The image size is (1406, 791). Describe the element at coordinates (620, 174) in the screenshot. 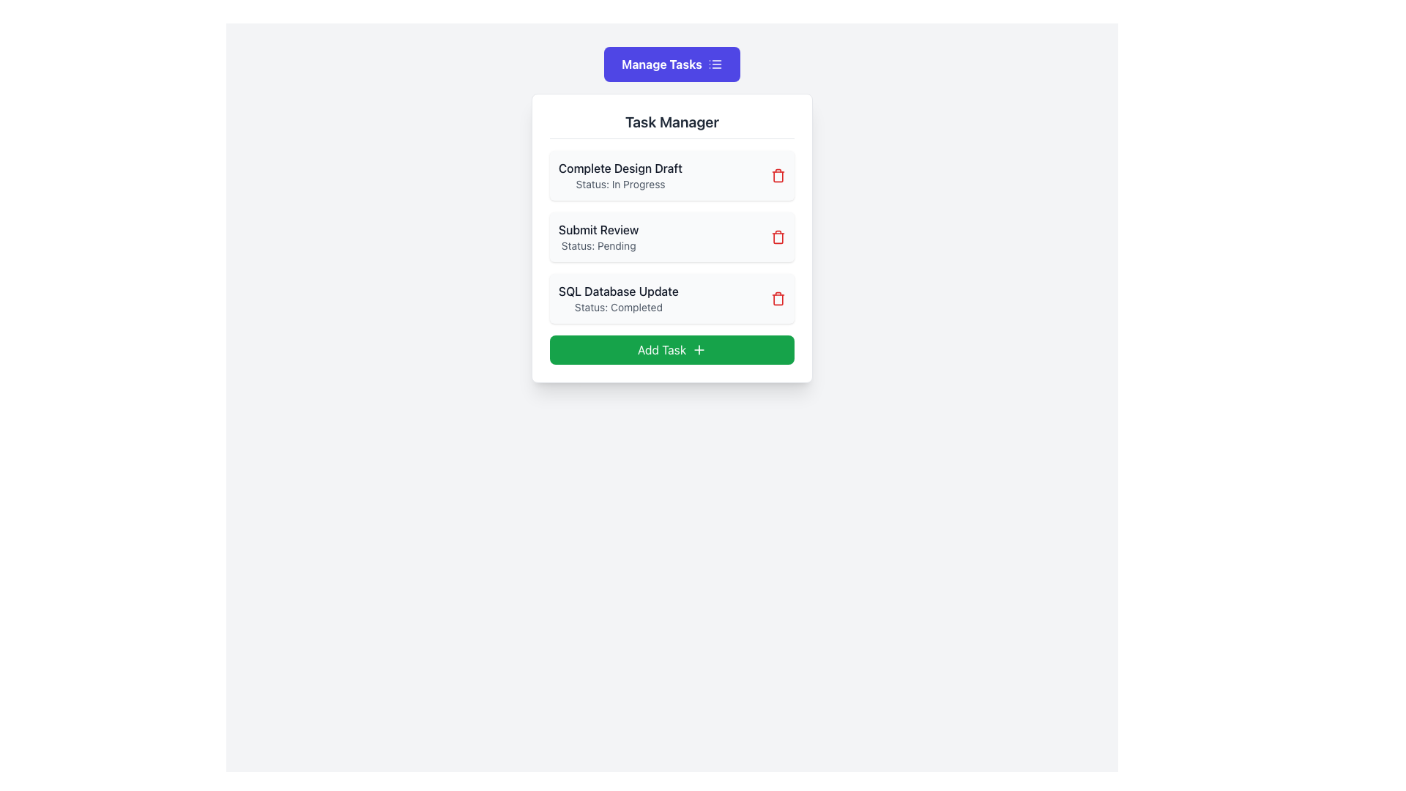

I see `static text display that shows the task title 'Complete Design Draft' and its status 'In Progress', located under the 'Task Manager' heading` at that location.